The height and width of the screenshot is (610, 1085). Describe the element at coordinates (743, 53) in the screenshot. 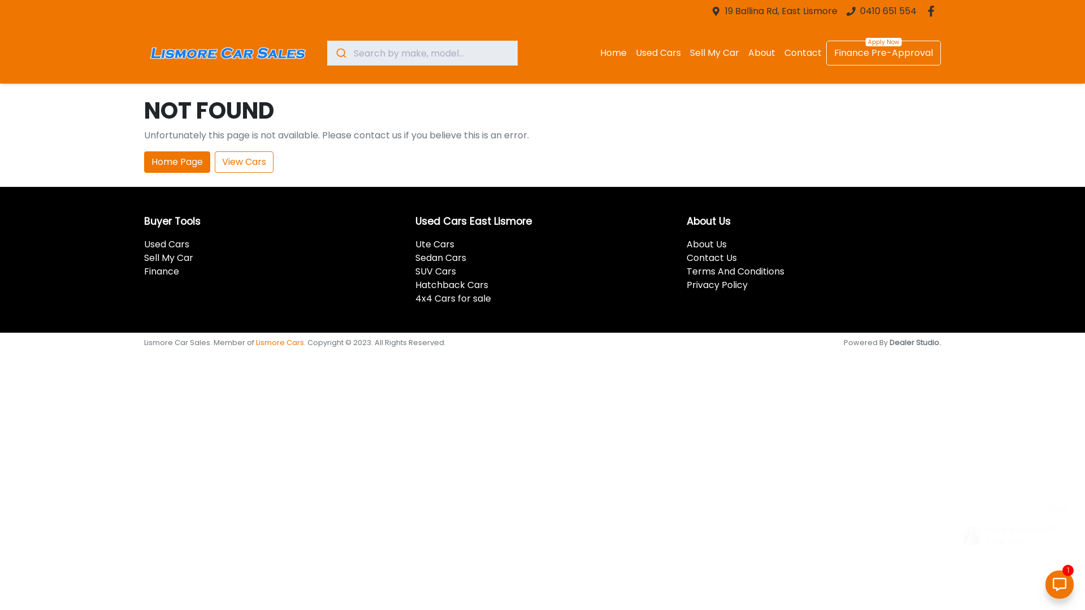

I see `'About'` at that location.